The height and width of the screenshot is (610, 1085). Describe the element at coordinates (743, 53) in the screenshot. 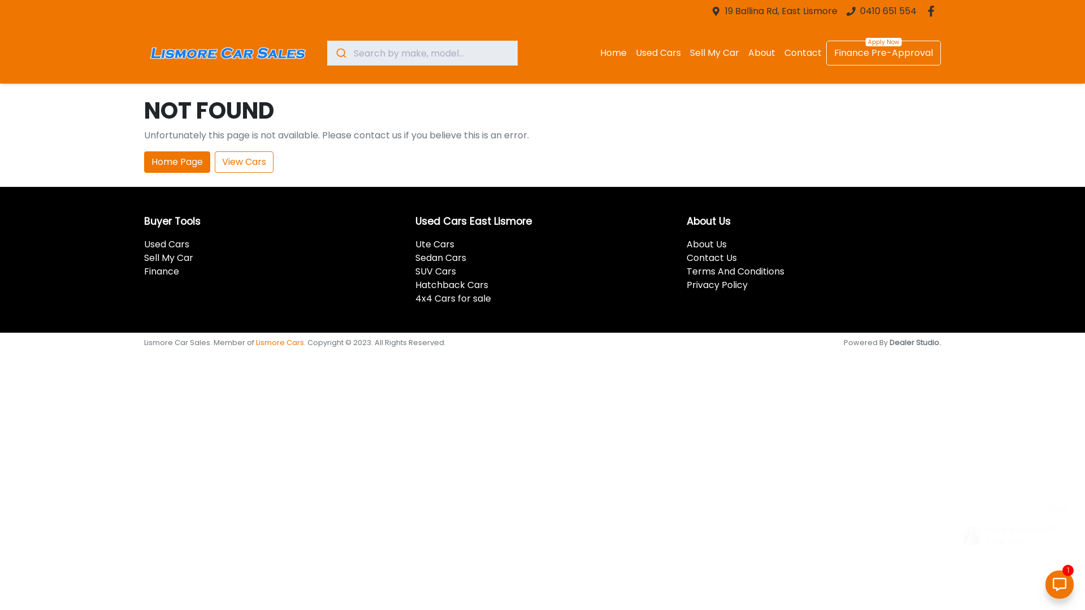

I see `'About'` at that location.